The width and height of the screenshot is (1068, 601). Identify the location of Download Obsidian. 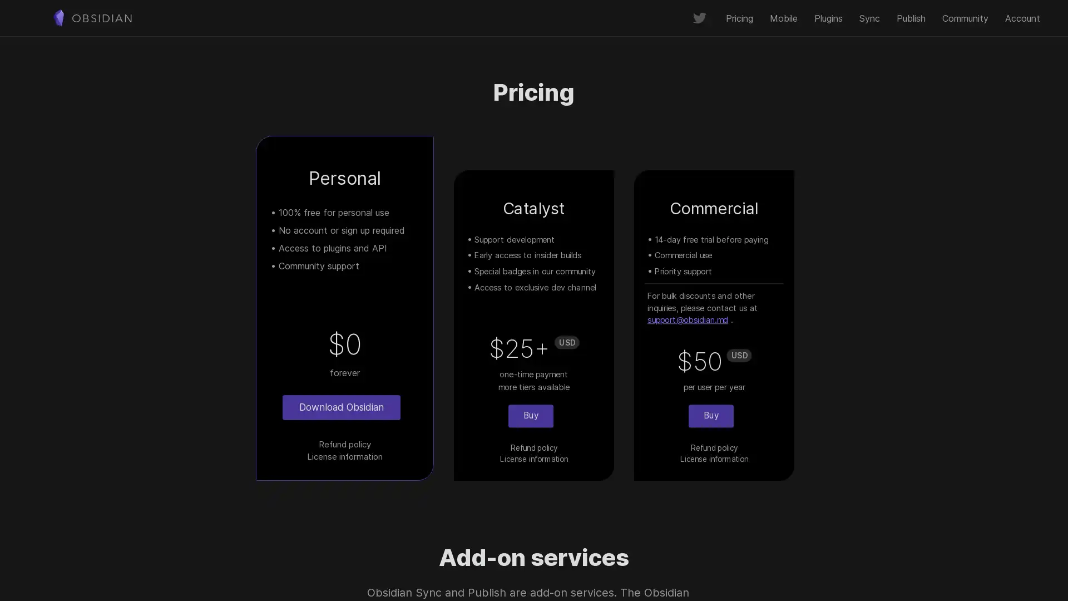
(341, 407).